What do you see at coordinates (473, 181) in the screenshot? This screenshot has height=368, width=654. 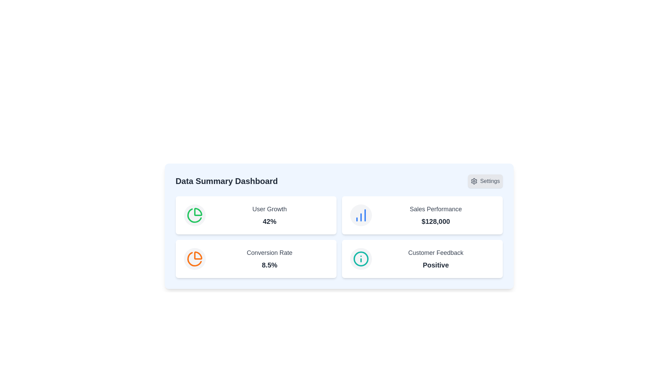 I see `the circular settings icon, which is a gear-shaped button styled in gray located at the top-right corner of the dashboard` at bounding box center [473, 181].